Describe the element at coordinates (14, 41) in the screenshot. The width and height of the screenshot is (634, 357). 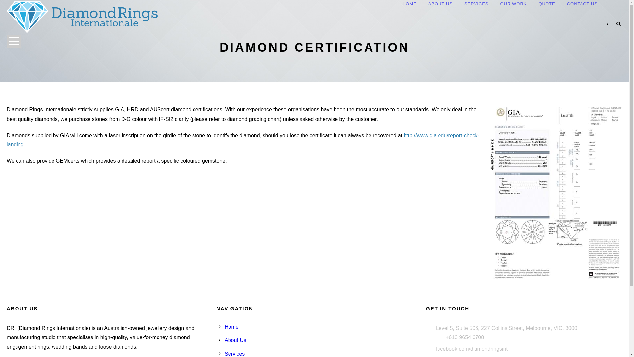
I see `'Open Menu'` at that location.